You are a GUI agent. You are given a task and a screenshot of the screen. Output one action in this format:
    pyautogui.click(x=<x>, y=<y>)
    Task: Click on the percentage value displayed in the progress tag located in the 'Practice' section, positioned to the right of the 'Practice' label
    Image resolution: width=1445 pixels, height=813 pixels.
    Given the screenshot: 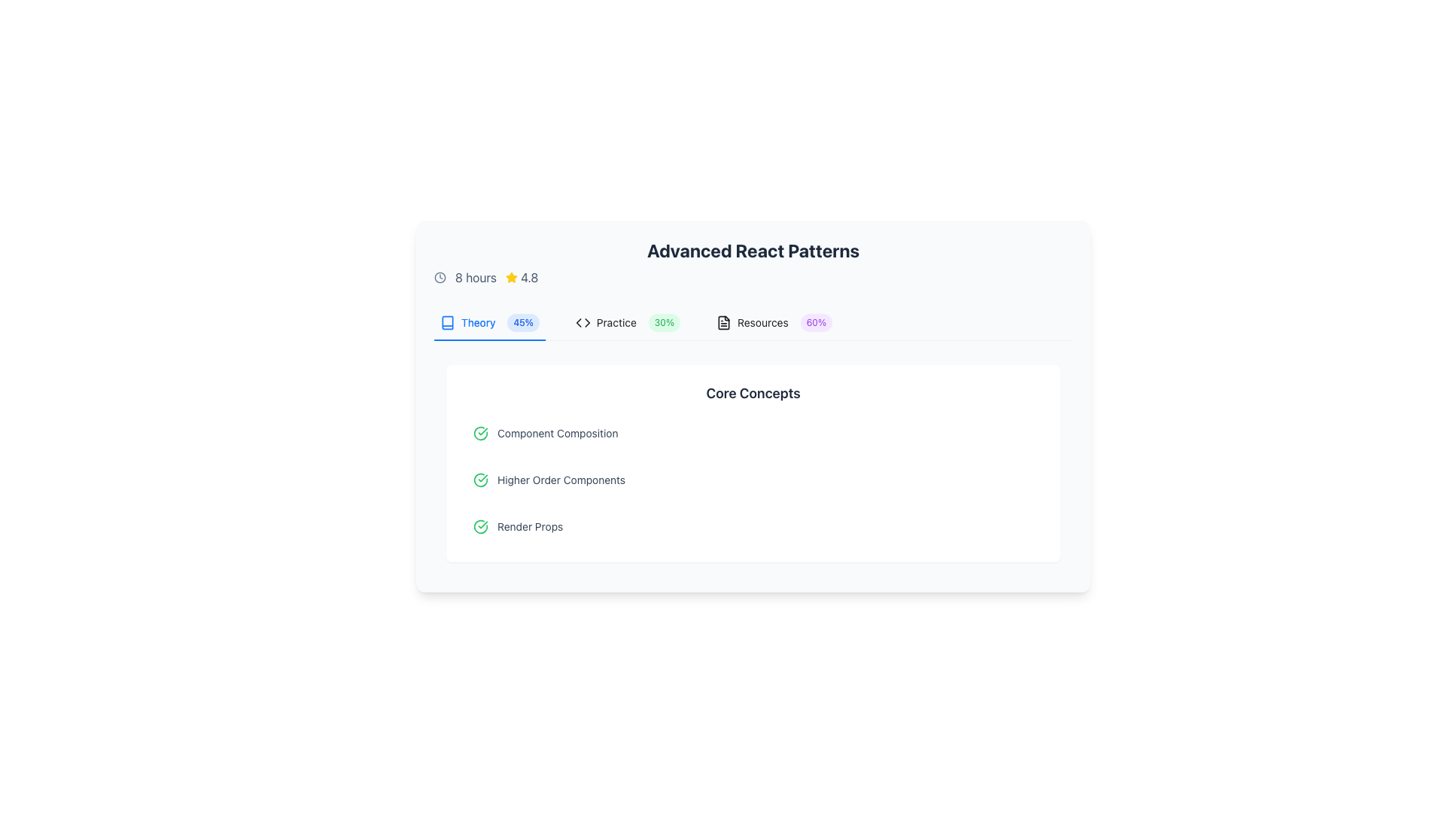 What is the action you would take?
    pyautogui.click(x=664, y=321)
    